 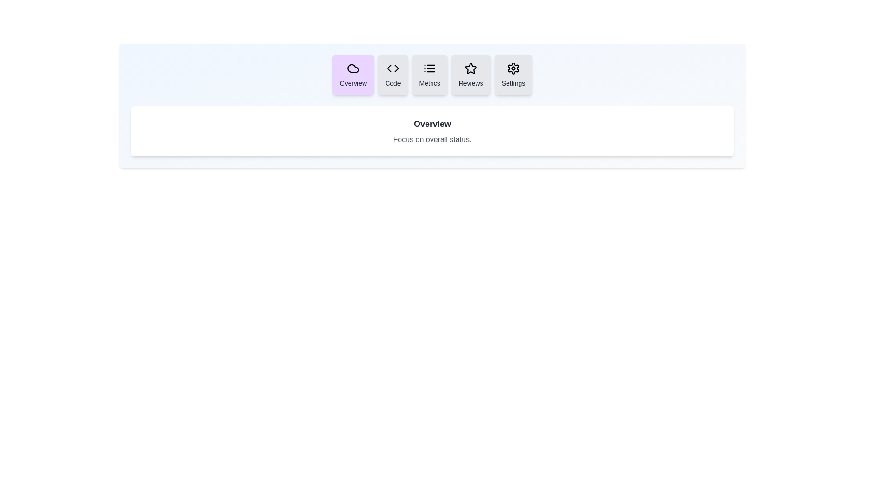 I want to click on the tab labeled Overview, so click(x=353, y=75).